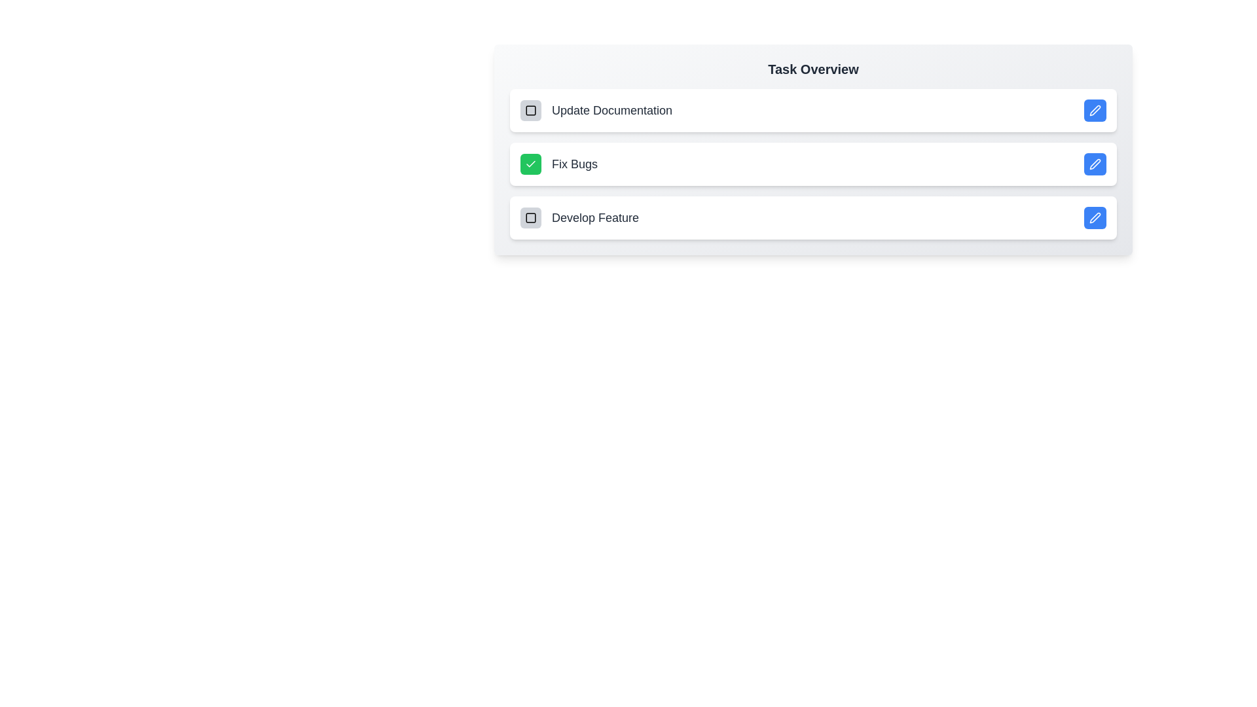  Describe the element at coordinates (1095, 217) in the screenshot. I see `edit button for the task 'Develop Feature'` at that location.